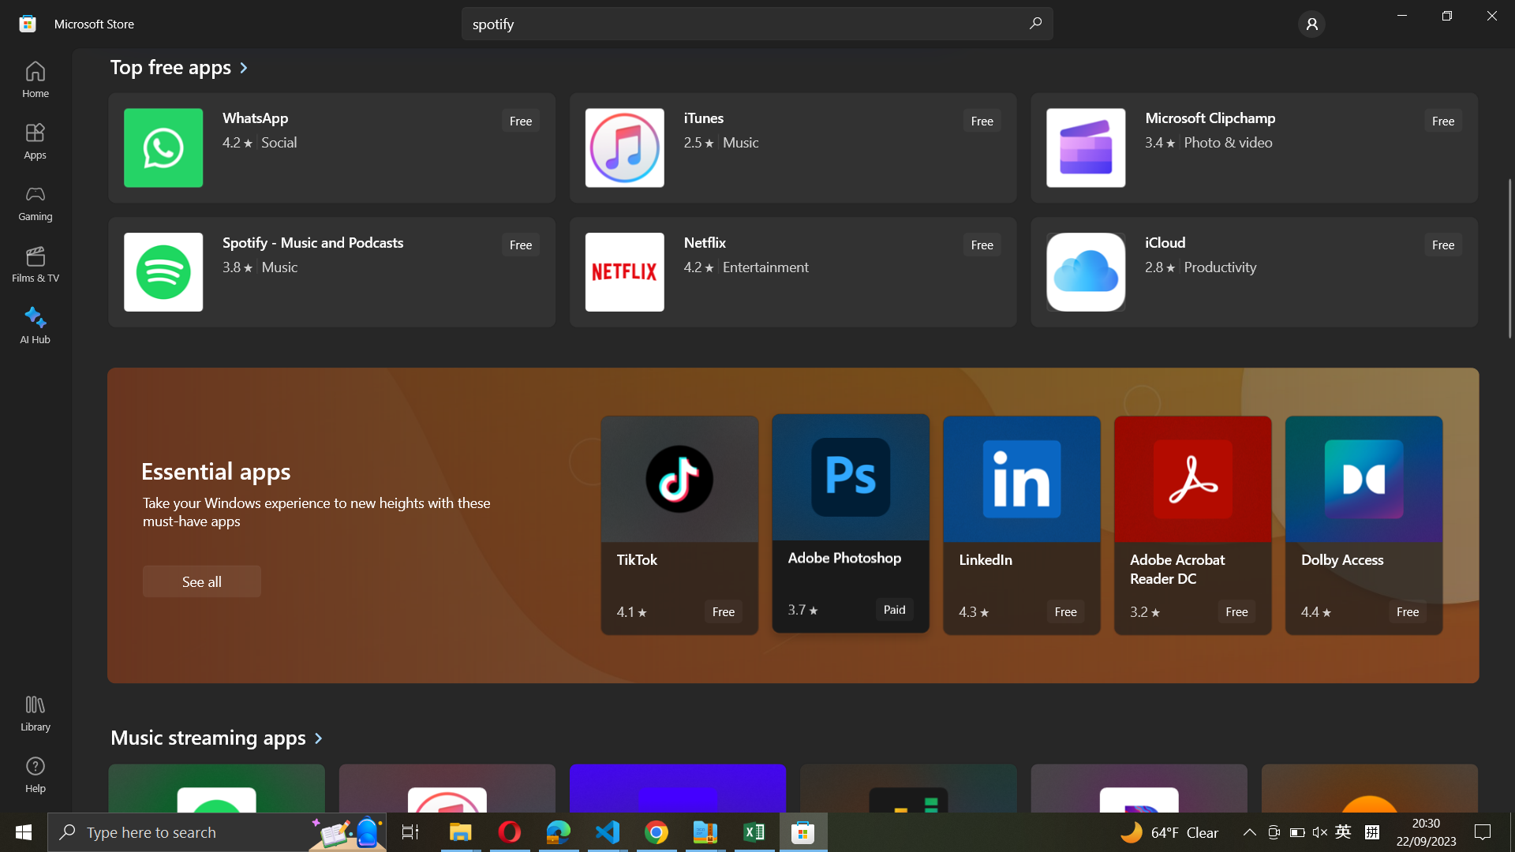  Describe the element at coordinates (791, 149) in the screenshot. I see `iTunes application` at that location.